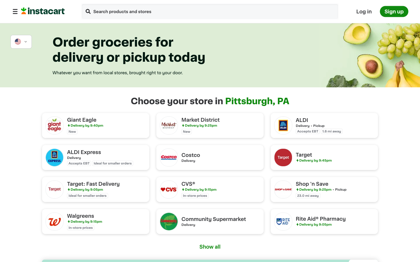 This screenshot has width=420, height=262. I want to click on Visit the medicine section of Rite Aid Pharmacy"s website, so click(324, 221).